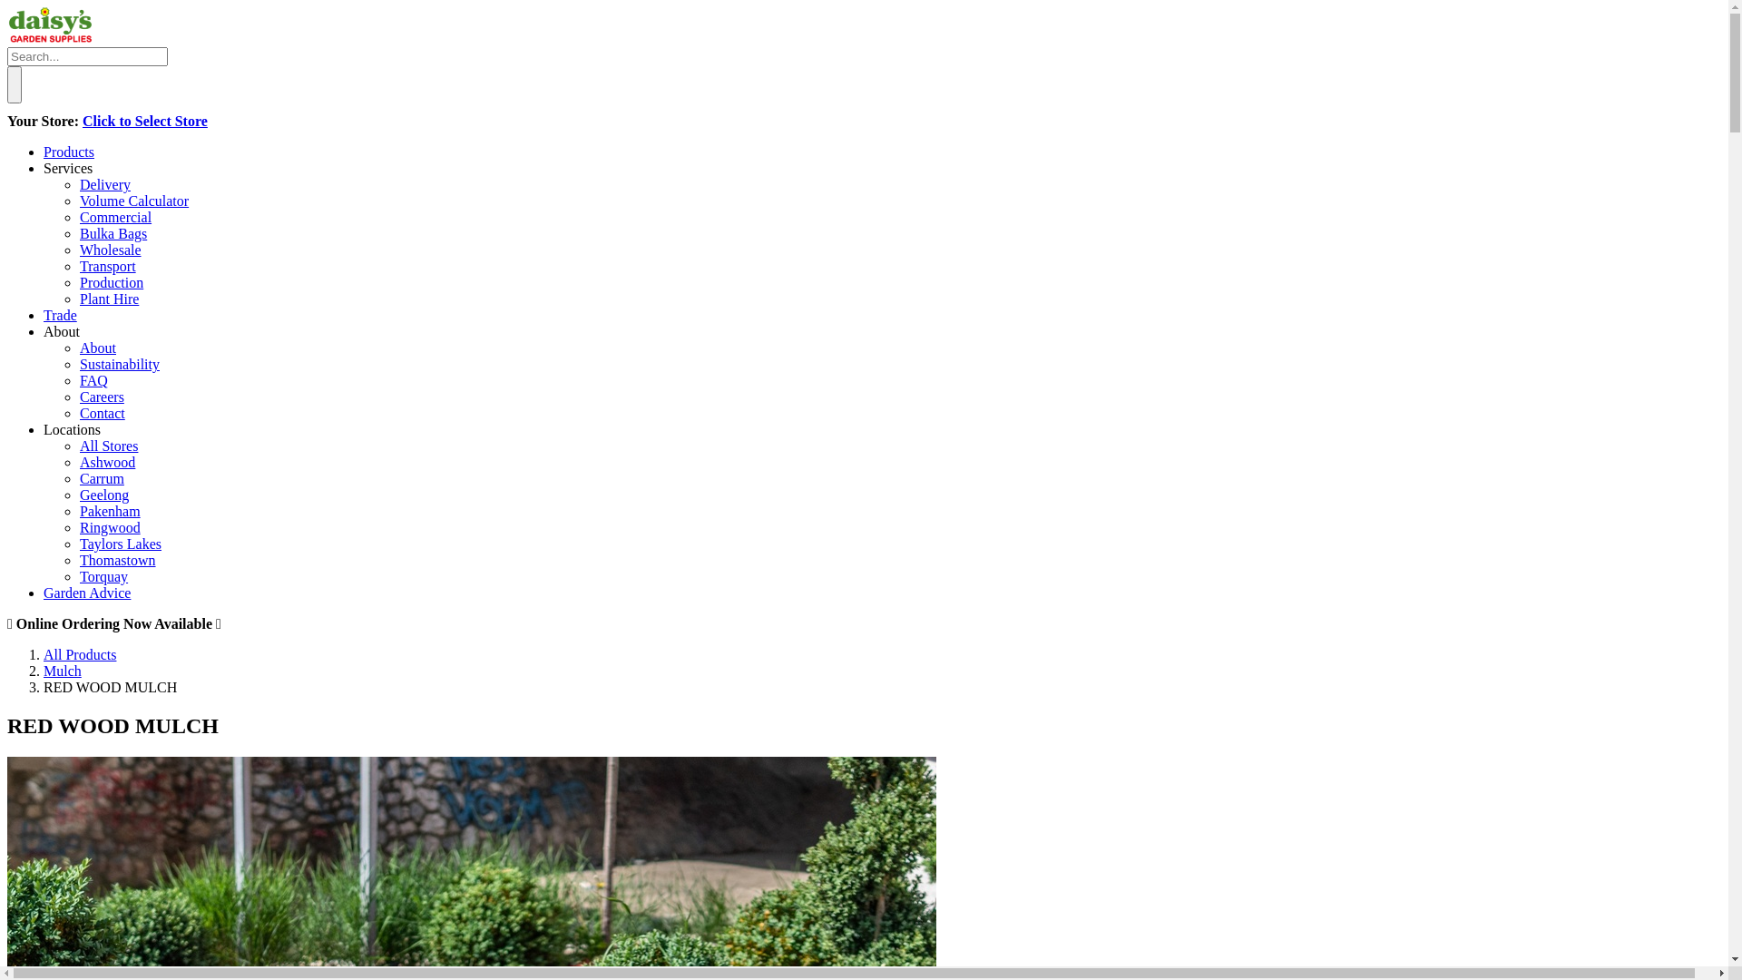  Describe the element at coordinates (114, 216) in the screenshot. I see `'Commercial'` at that location.